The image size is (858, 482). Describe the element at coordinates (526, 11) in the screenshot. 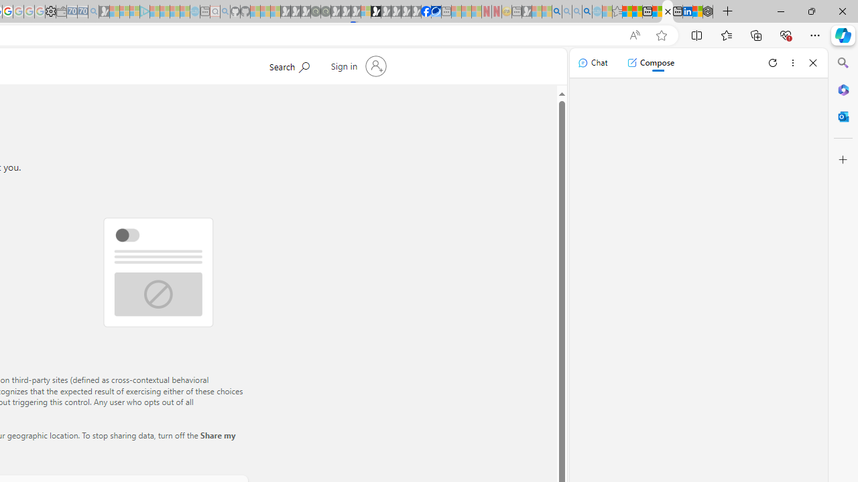

I see `'MSN - Sleeping'` at that location.